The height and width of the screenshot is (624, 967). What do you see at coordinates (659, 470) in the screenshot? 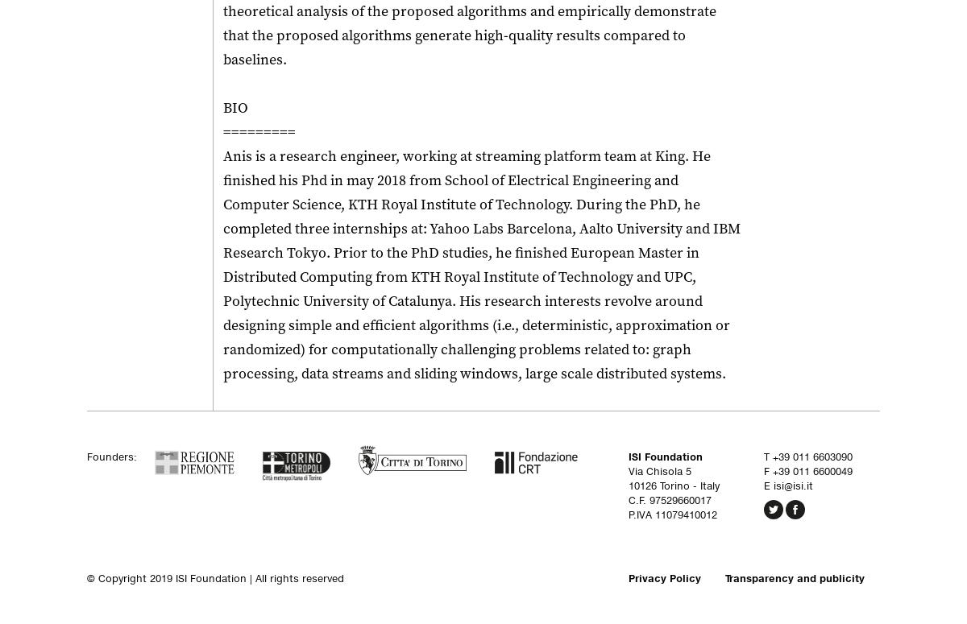
I see `'Via Chisola 5'` at bounding box center [659, 470].